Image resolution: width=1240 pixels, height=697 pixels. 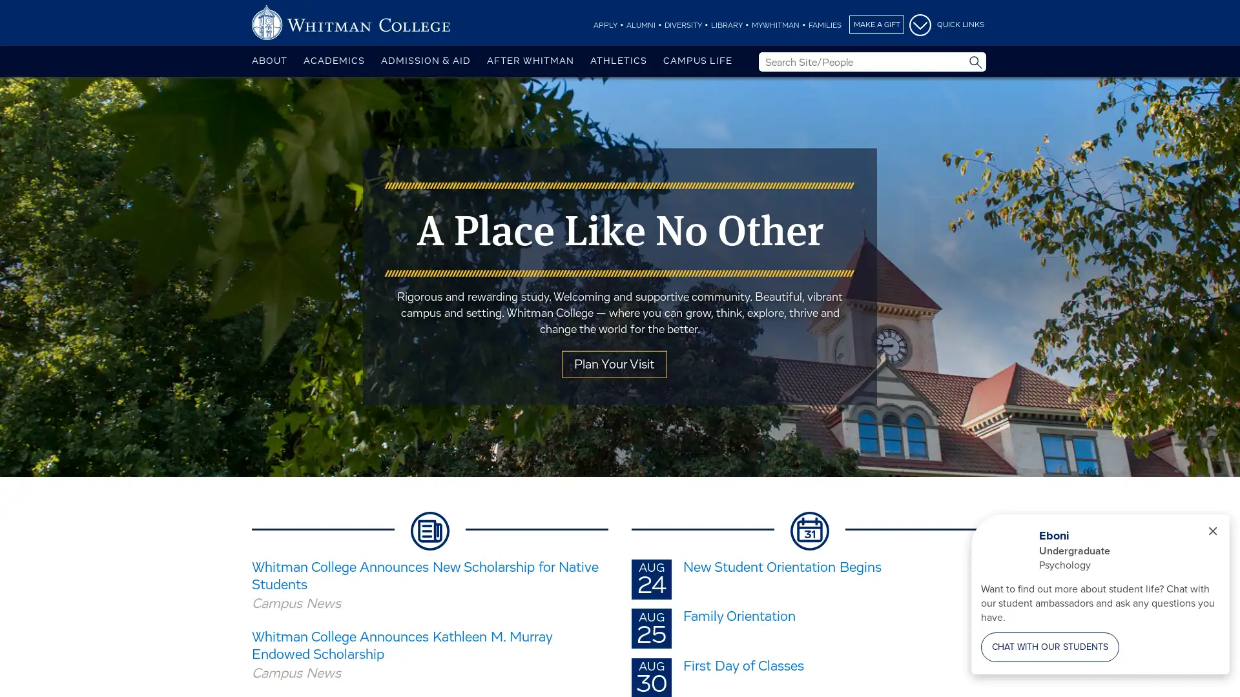 What do you see at coordinates (976, 61) in the screenshot?
I see `Submit Search` at bounding box center [976, 61].